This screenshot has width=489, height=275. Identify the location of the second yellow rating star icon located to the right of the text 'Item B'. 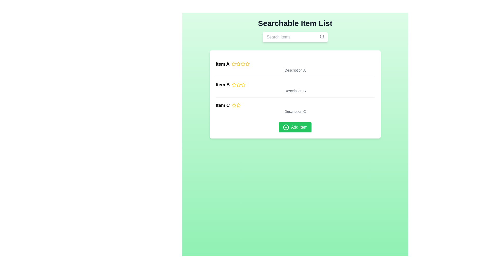
(238, 84).